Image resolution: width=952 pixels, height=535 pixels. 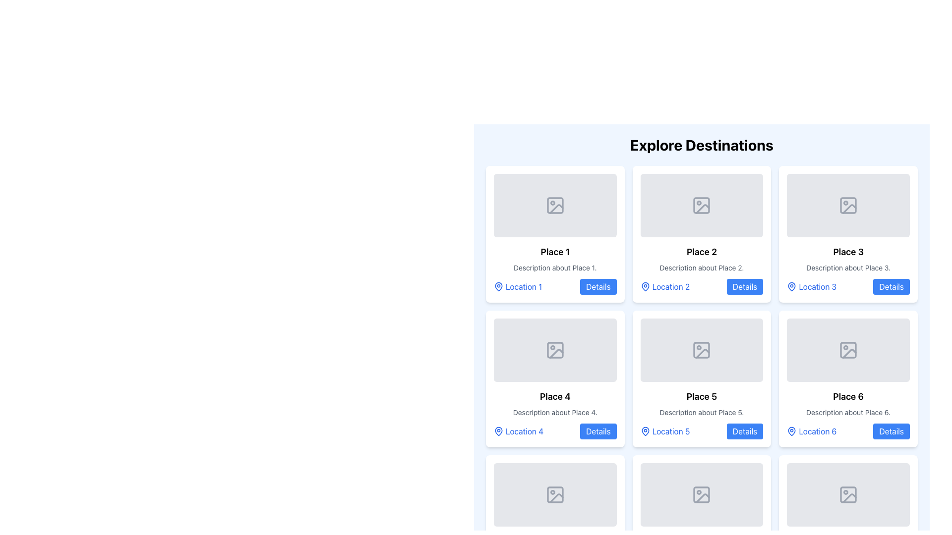 What do you see at coordinates (499, 431) in the screenshot?
I see `the blue outlined map pin icon representing 'Location 4' located in the bottom-left corner of the card for 'Place 4'` at bounding box center [499, 431].